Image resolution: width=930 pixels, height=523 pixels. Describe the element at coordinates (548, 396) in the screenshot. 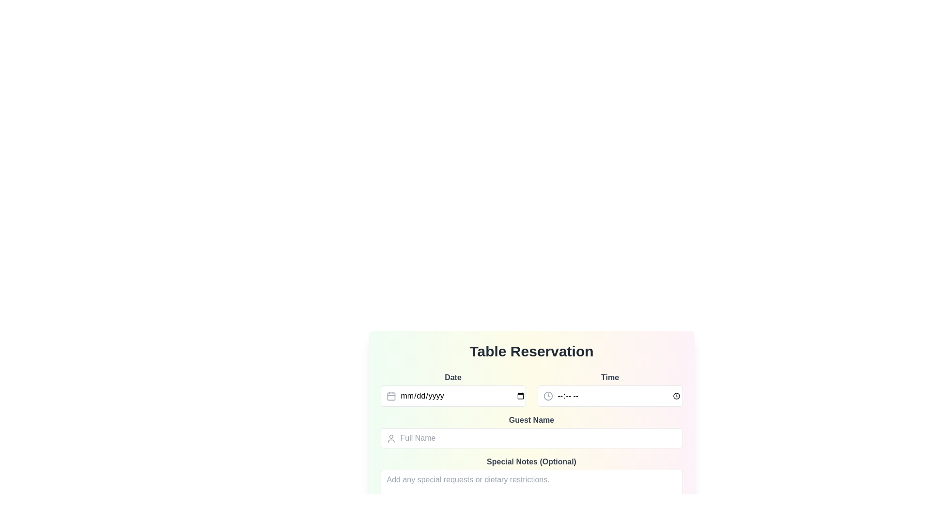

I see `the circular outline of the clock face icon located within the 'Time' input field of the 'Table Reservation' form, positioned to the left of the placeholder text '--:-- --'` at that location.